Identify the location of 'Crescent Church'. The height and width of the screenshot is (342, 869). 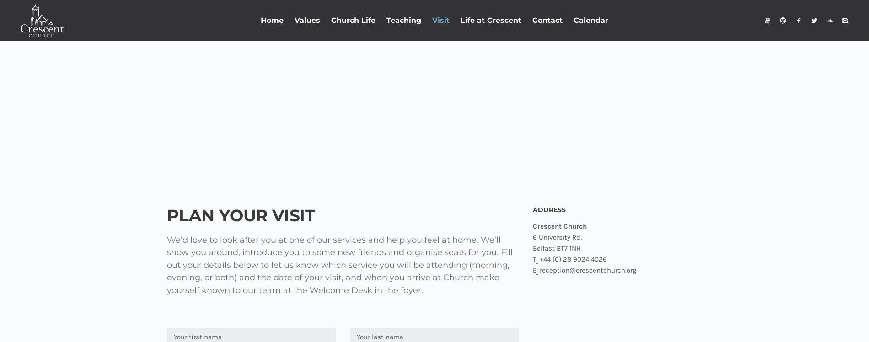
(559, 226).